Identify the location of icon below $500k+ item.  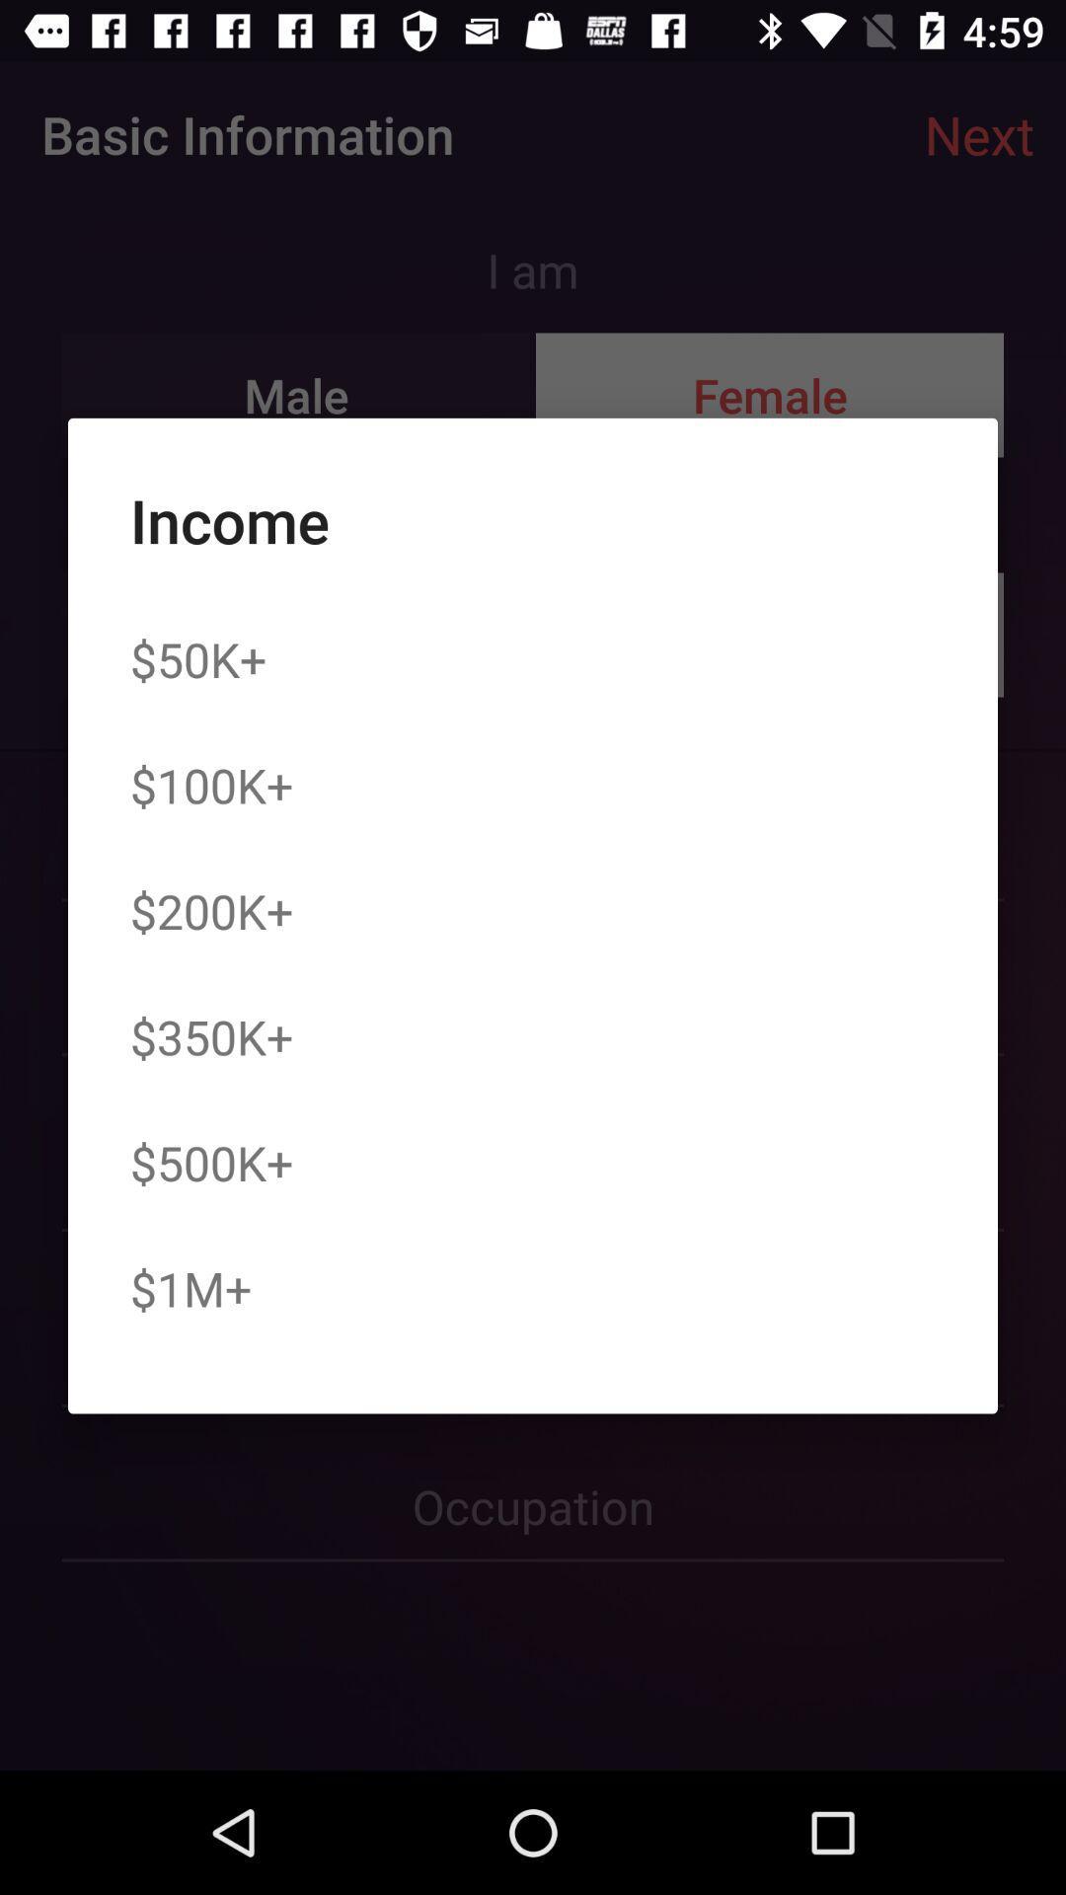
(190, 1288).